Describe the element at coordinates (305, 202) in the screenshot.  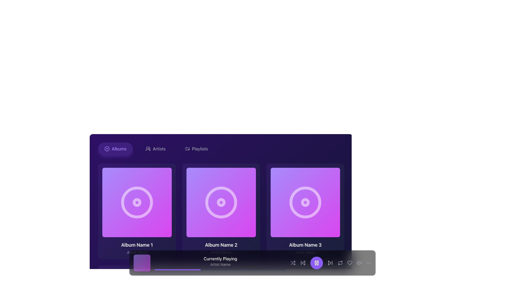
I see `the clickable interactive media object (album cover) featuring a gradient background and a play button` at that location.